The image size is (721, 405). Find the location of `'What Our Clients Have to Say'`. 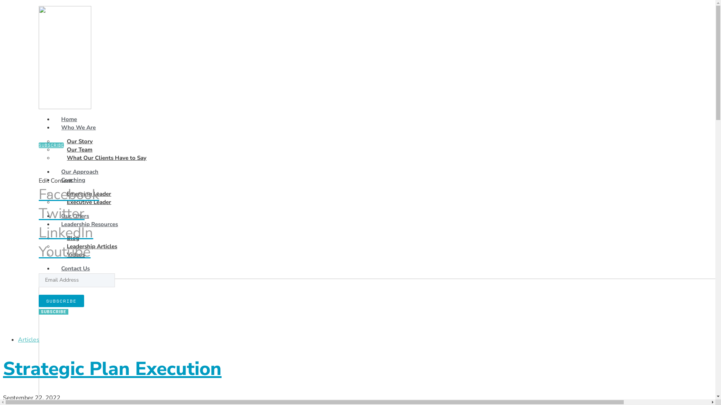

'What Our Clients Have to Say' is located at coordinates (106, 157).